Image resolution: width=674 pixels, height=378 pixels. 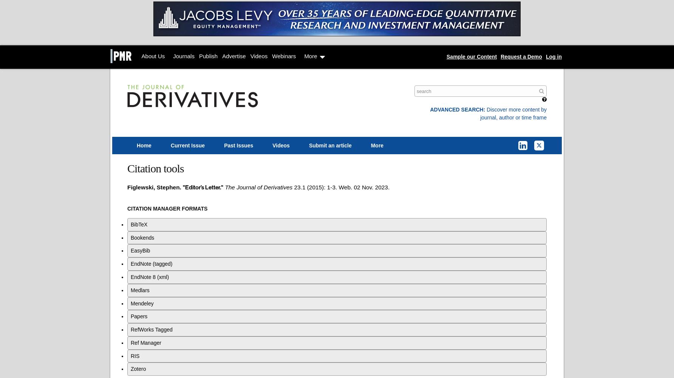 What do you see at coordinates (326, 186) in the screenshot?
I see `'1-3'` at bounding box center [326, 186].